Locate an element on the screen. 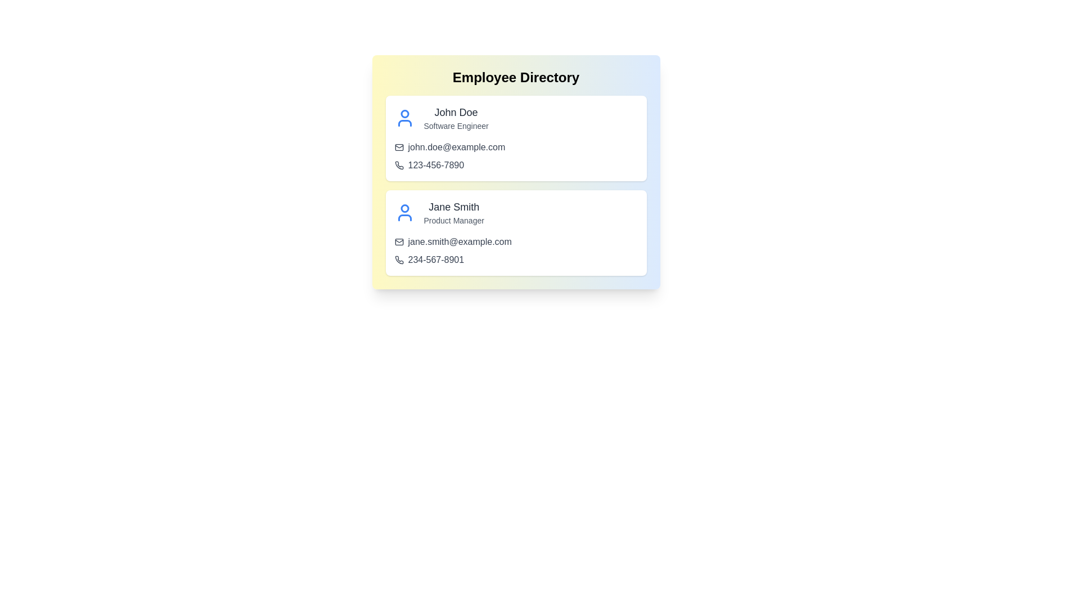  the phone link for John Doe is located at coordinates (515, 165).